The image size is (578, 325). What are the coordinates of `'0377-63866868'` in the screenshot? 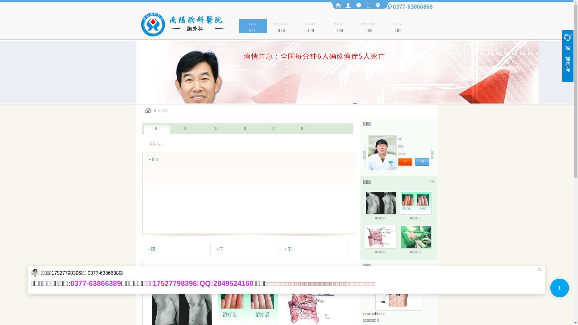 It's located at (412, 7).